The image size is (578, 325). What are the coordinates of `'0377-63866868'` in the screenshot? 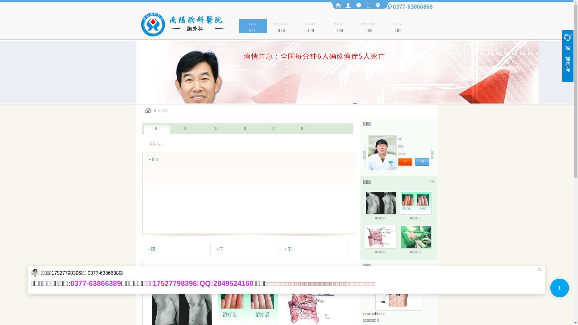 It's located at (412, 7).